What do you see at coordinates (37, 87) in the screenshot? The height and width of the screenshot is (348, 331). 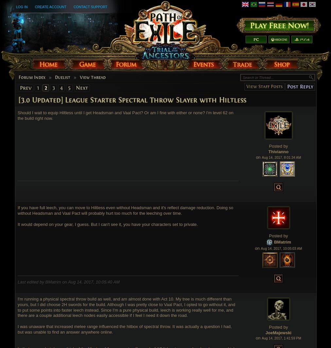 I see `'1'` at bounding box center [37, 87].